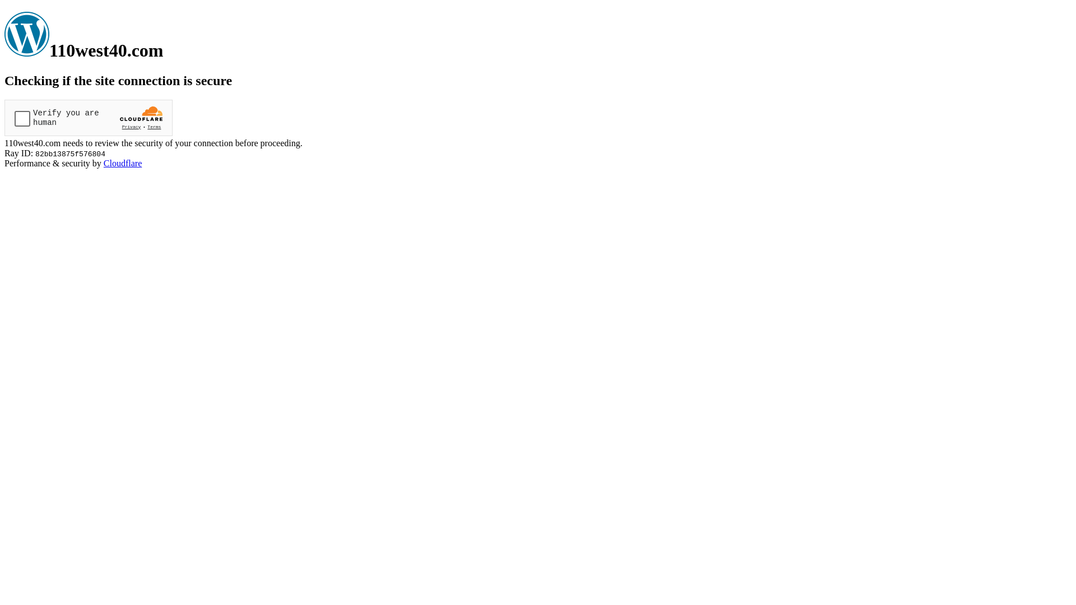  I want to click on 'Widget containing a Cloudflare security challenge', so click(88, 118).